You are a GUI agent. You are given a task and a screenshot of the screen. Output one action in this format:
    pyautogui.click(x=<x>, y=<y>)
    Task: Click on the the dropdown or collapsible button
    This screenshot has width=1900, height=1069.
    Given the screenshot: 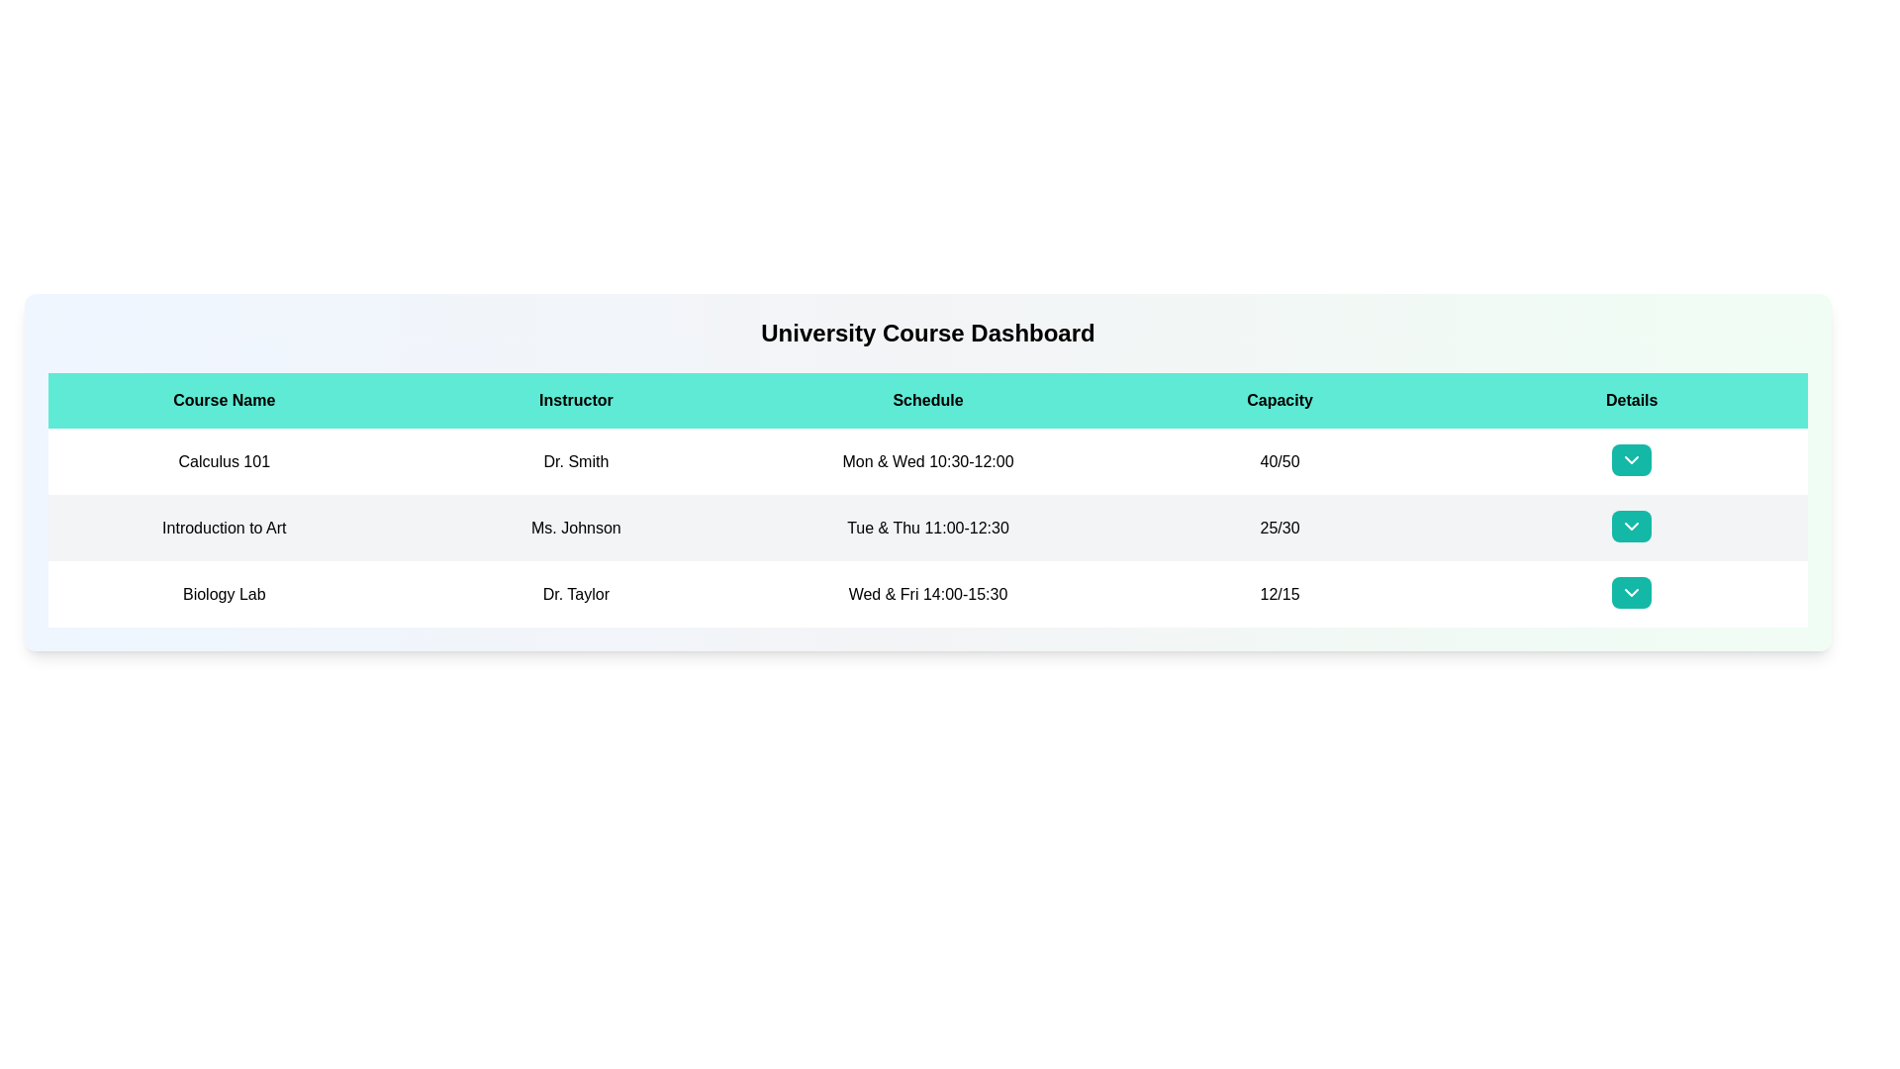 What is the action you would take?
    pyautogui.click(x=1632, y=461)
    